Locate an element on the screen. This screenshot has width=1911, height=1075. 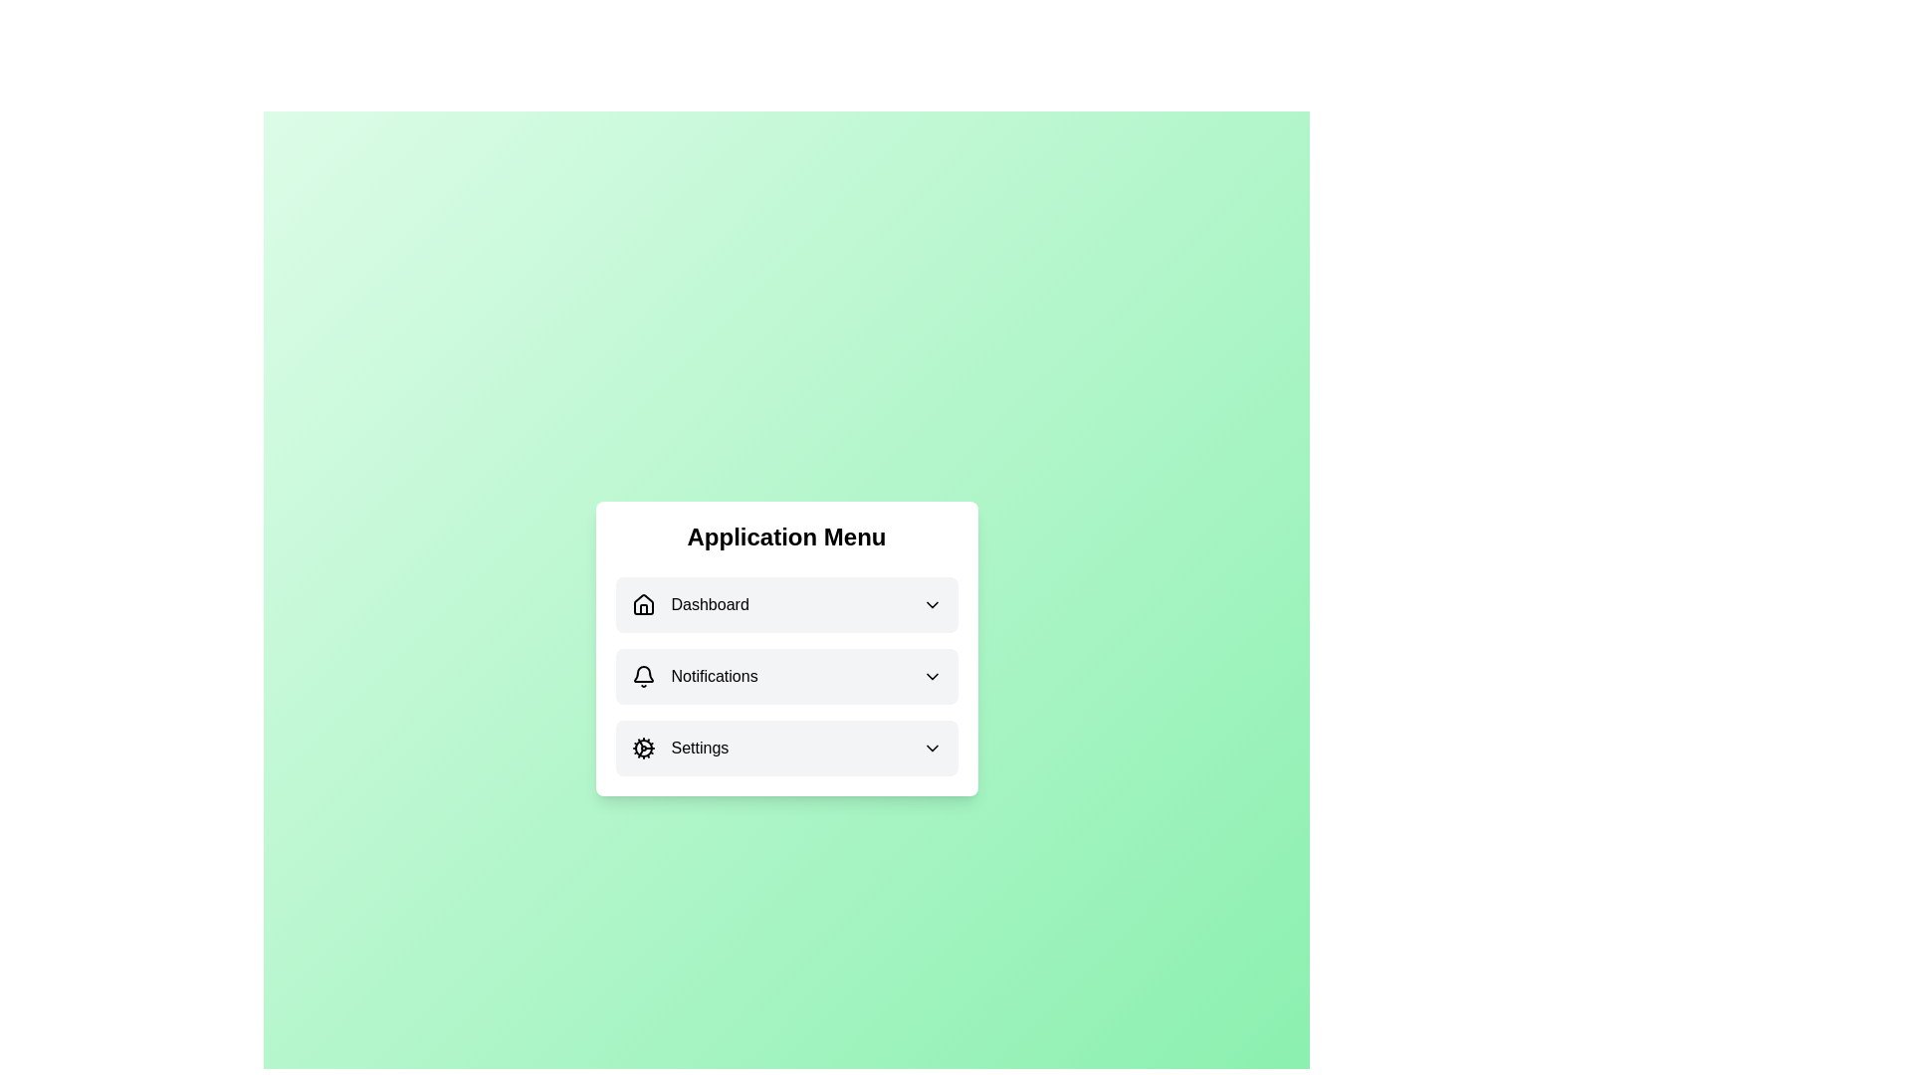
the bell icon located to the left of the 'Notifications' text in the second row of the application menu is located at coordinates (643, 675).